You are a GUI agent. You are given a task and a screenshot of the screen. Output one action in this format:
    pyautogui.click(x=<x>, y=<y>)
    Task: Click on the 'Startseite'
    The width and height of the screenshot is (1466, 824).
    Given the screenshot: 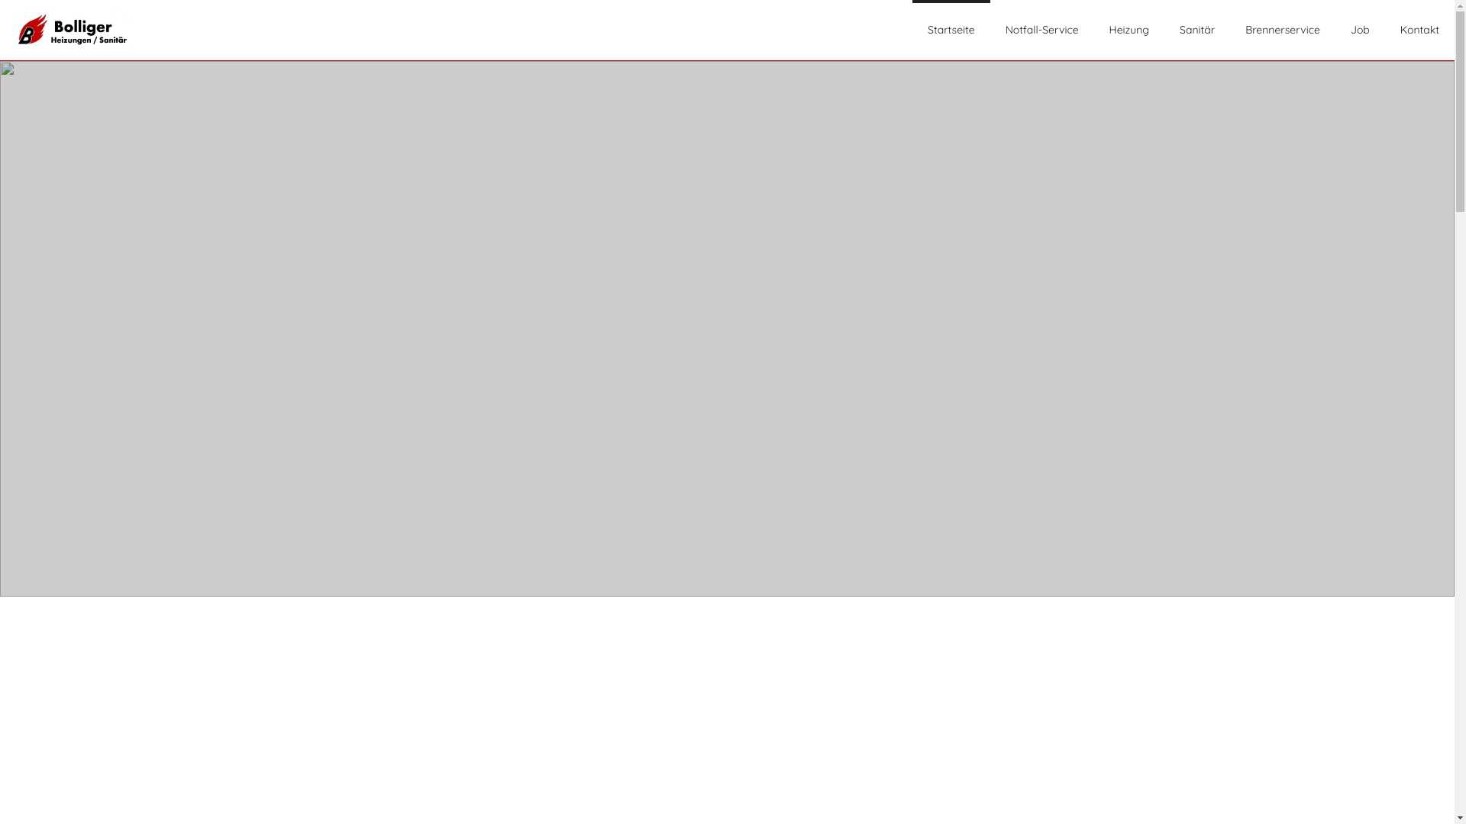 What is the action you would take?
    pyautogui.click(x=951, y=30)
    